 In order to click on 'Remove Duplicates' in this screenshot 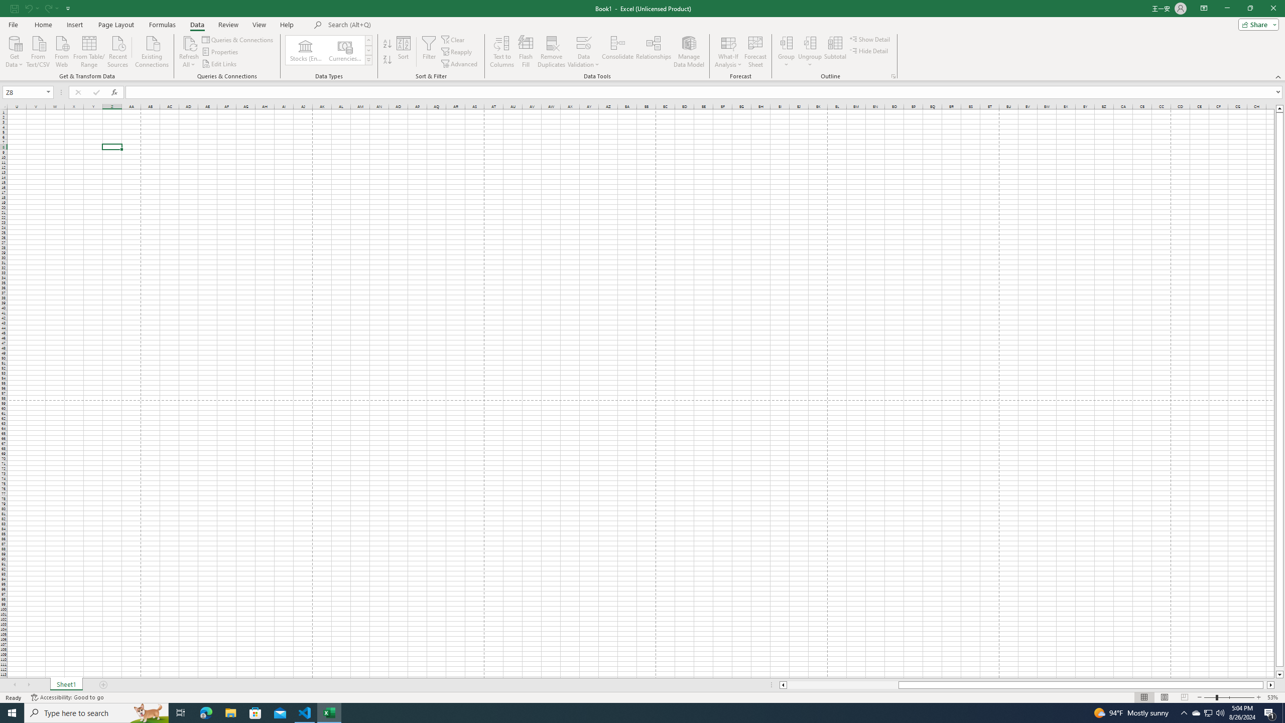, I will do `click(551, 52)`.